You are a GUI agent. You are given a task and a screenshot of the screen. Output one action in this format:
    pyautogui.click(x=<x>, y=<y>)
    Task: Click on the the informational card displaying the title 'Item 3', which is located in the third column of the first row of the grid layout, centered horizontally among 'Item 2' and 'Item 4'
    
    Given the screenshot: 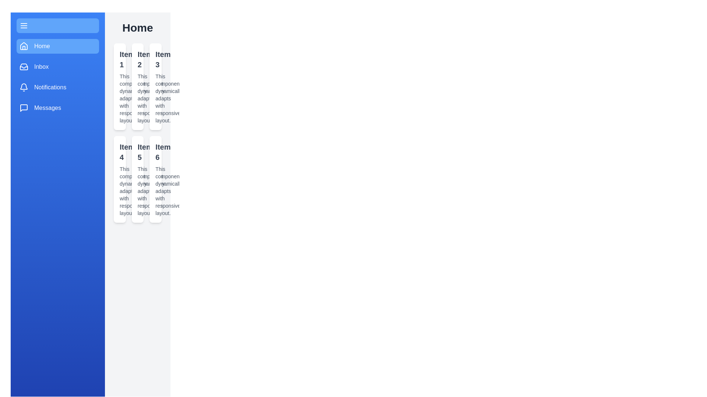 What is the action you would take?
    pyautogui.click(x=155, y=86)
    